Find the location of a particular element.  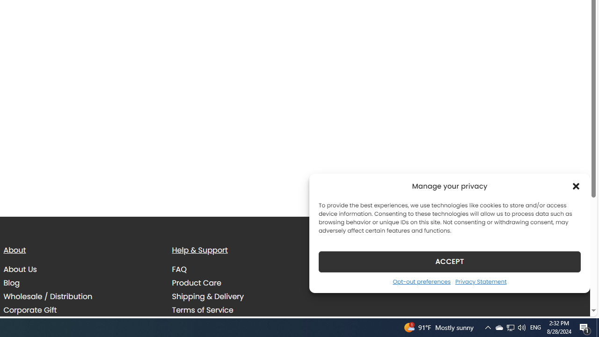

'Class: cmplz-close' is located at coordinates (576, 186).